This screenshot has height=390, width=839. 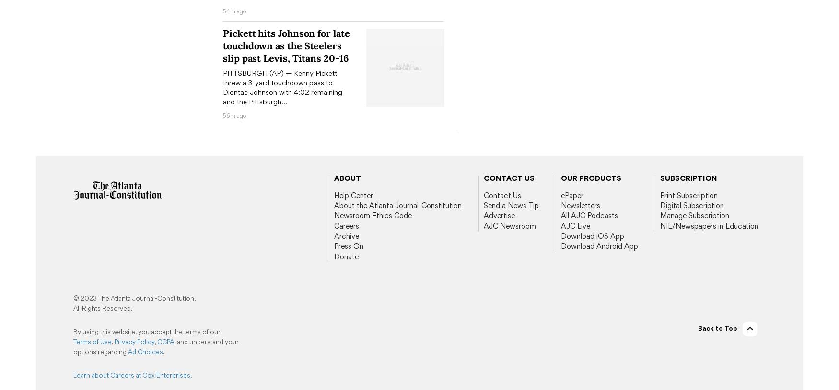 What do you see at coordinates (165, 341) in the screenshot?
I see `'CCPA'` at bounding box center [165, 341].